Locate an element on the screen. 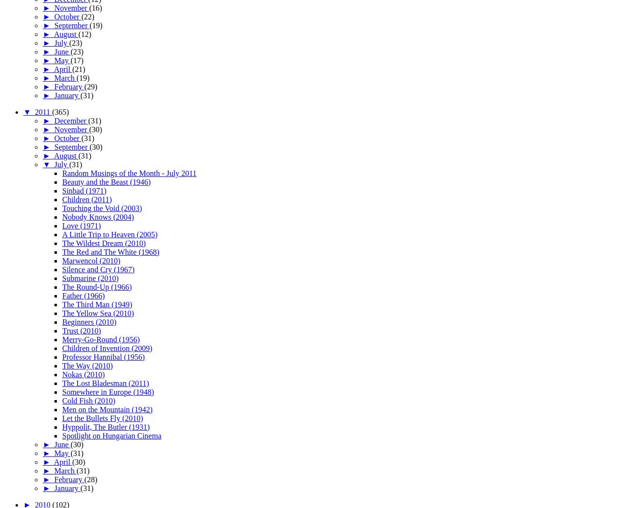 This screenshot has width=632, height=508. 'The Red and The White (1968)' is located at coordinates (110, 251).